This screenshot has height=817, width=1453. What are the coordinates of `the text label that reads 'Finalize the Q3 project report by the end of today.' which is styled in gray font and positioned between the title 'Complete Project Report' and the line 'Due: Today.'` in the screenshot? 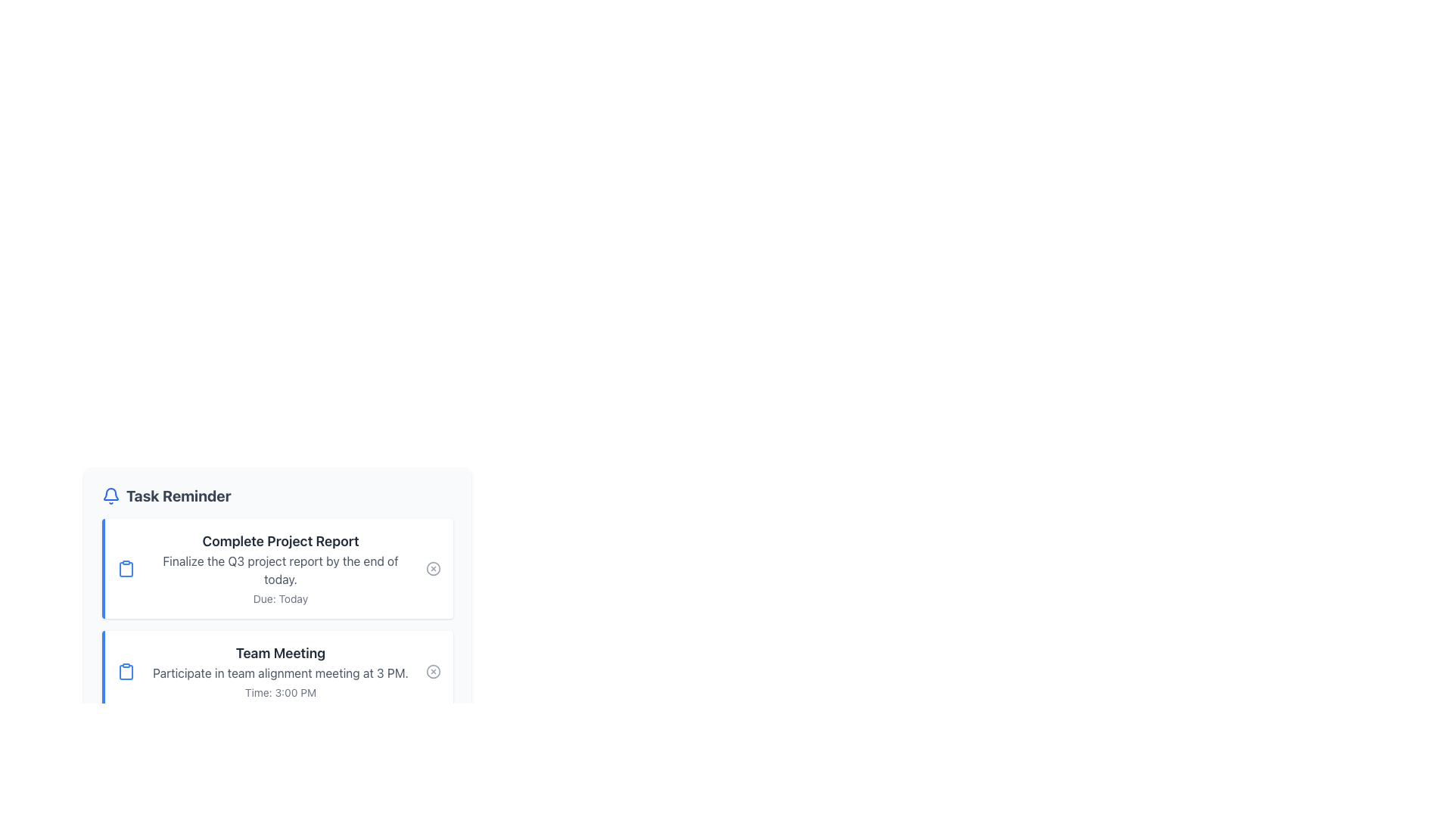 It's located at (280, 570).